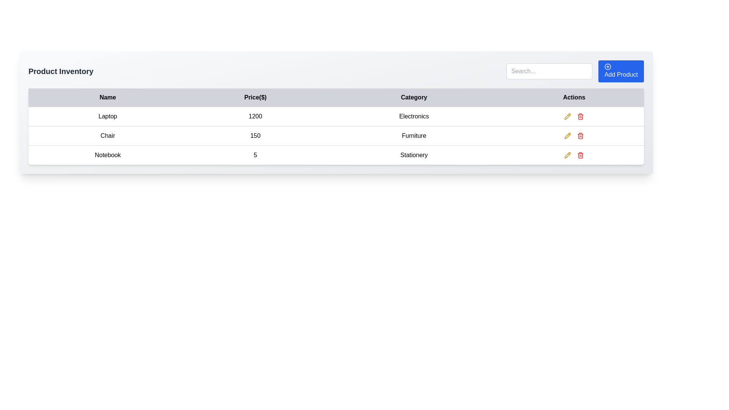 The image size is (729, 410). Describe the element at coordinates (413, 117) in the screenshot. I see `the text label displaying the category of the associated item` at that location.